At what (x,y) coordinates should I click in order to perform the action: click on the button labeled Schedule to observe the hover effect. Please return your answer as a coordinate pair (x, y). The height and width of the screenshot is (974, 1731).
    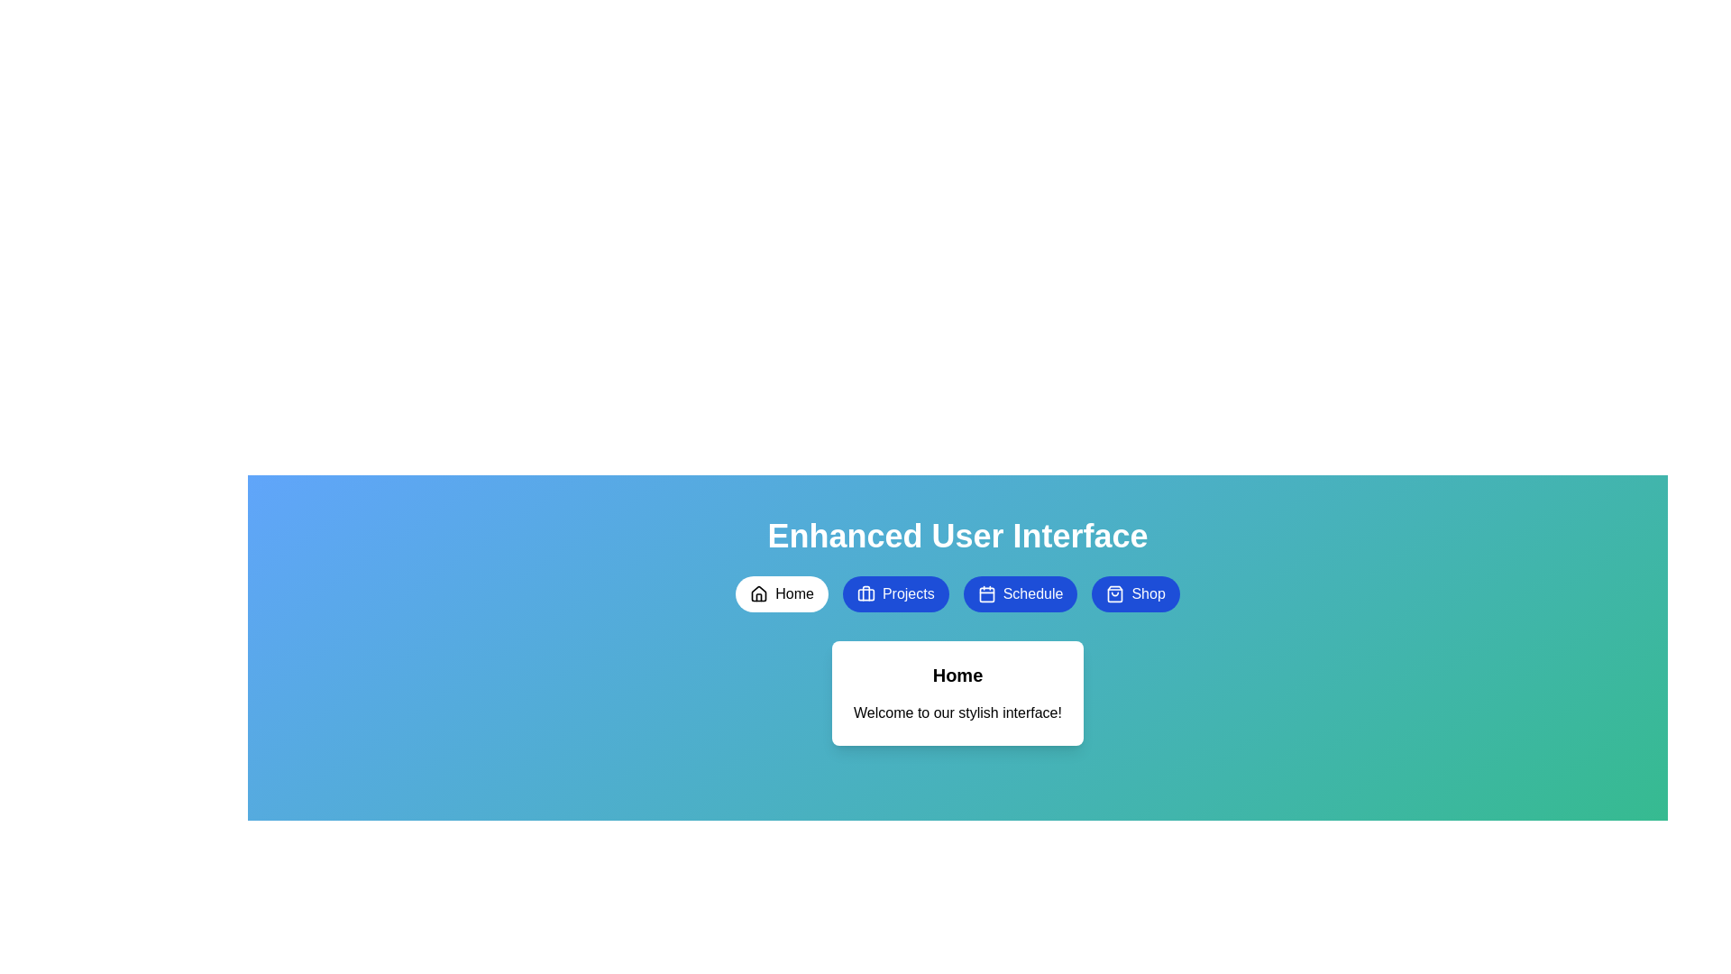
    Looking at the image, I should click on (1021, 594).